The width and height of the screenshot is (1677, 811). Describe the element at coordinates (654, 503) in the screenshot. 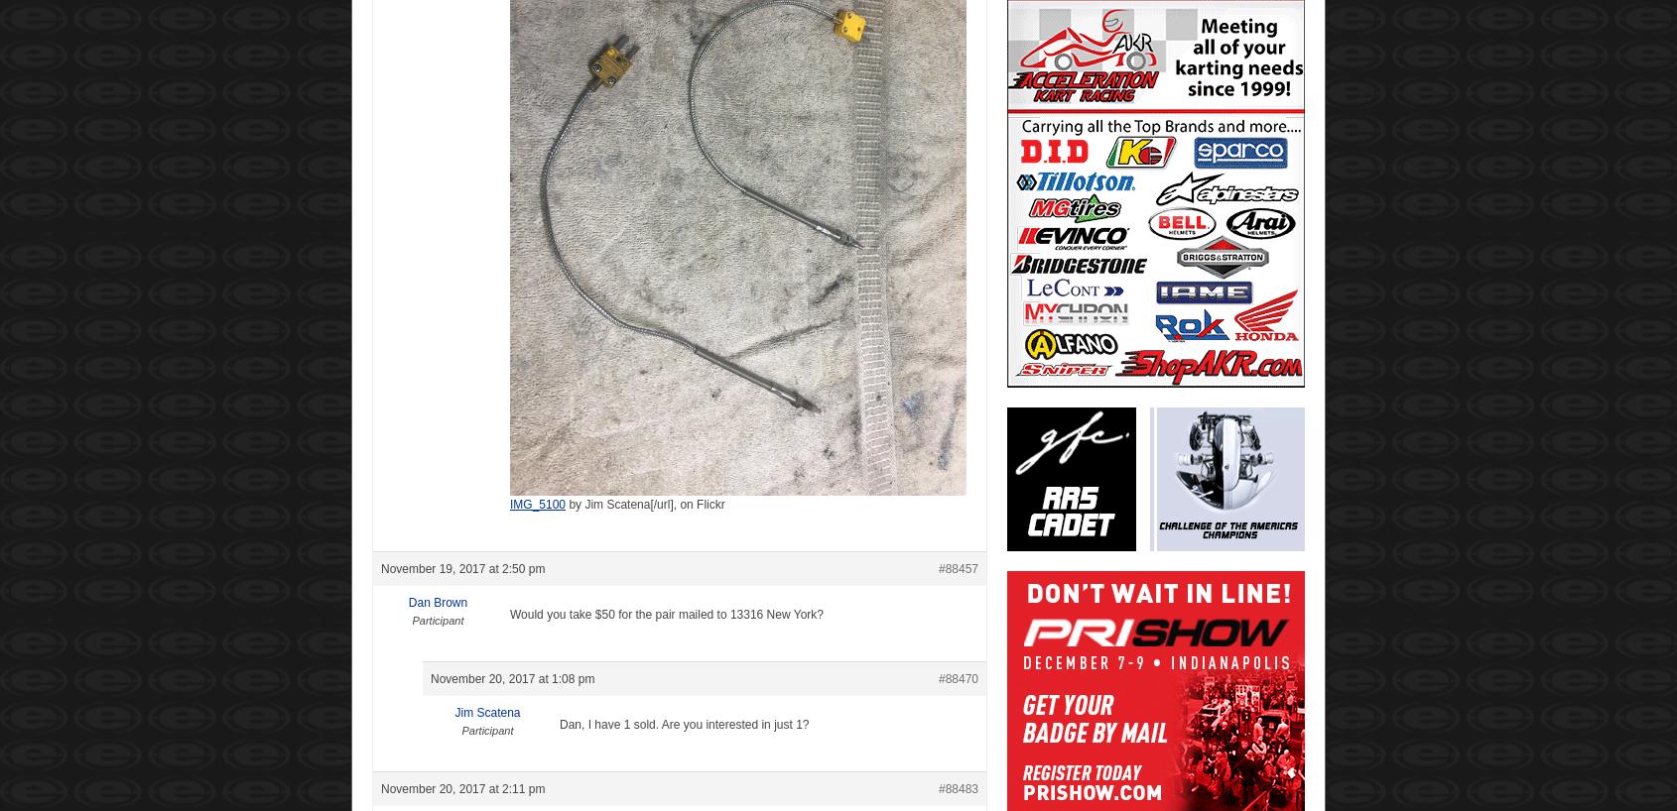

I see `'Jim Scatena[/url], on Flickr'` at that location.